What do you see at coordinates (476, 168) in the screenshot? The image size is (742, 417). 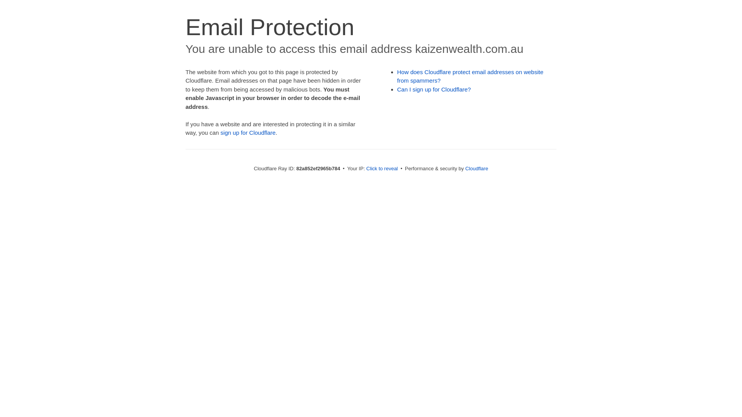 I see `'Cloudflare'` at bounding box center [476, 168].